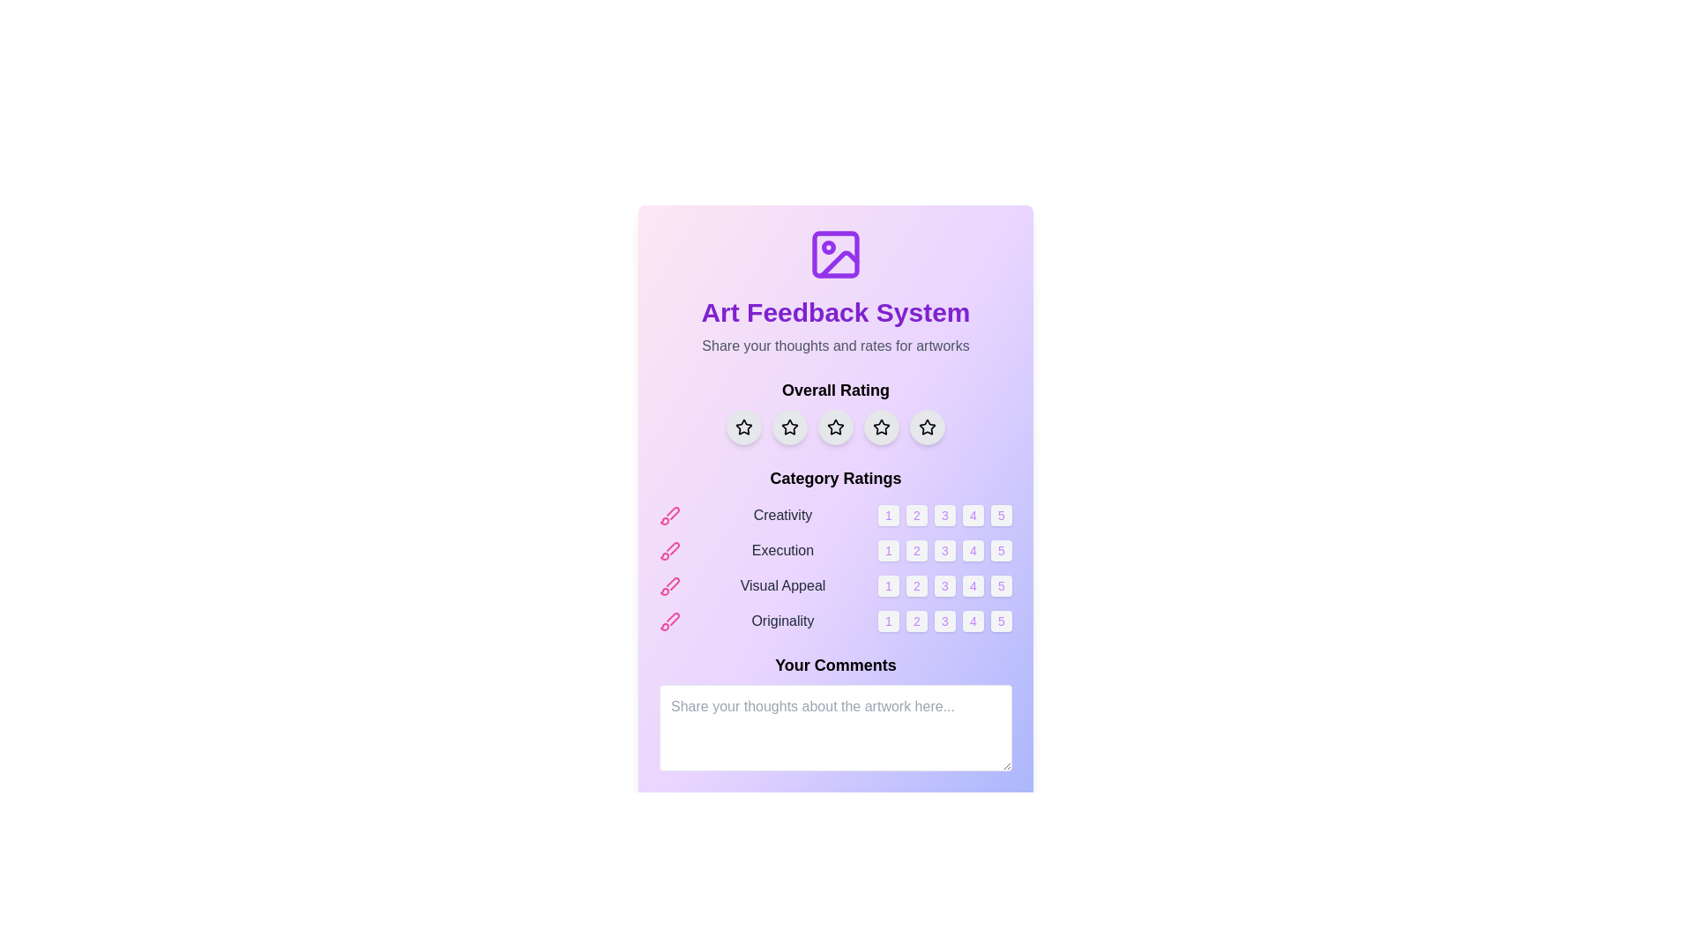 The width and height of the screenshot is (1693, 952). What do you see at coordinates (668, 621) in the screenshot?
I see `the fourth brush icon in the 'Category Ratings' section, located to the left of the 'Originality' label` at bounding box center [668, 621].